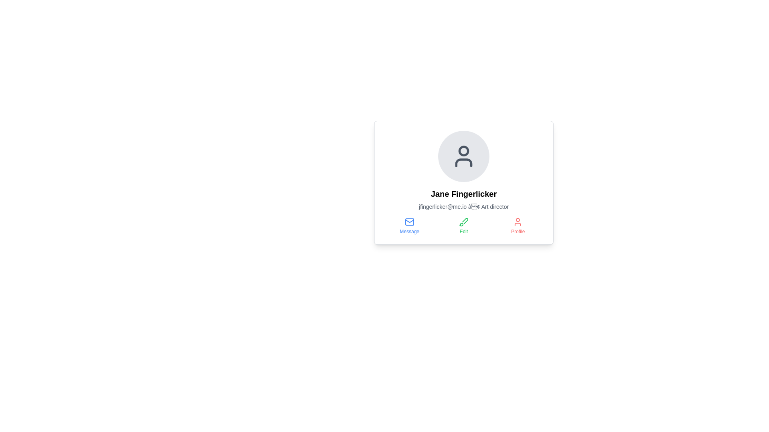 The width and height of the screenshot is (769, 432). Describe the element at coordinates (463, 151) in the screenshot. I see `the decorative Circle graphical element located at the center of the avatar icon in the user profile card` at that location.